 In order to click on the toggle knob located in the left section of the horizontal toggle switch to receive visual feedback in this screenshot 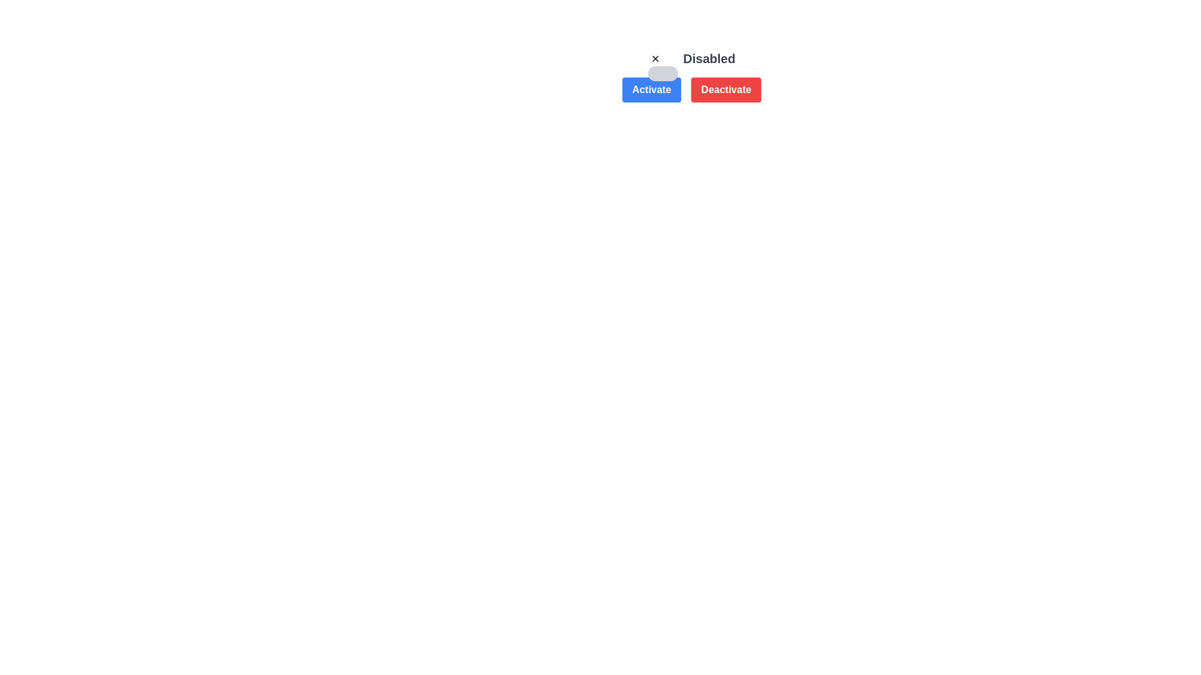, I will do `click(655, 58)`.